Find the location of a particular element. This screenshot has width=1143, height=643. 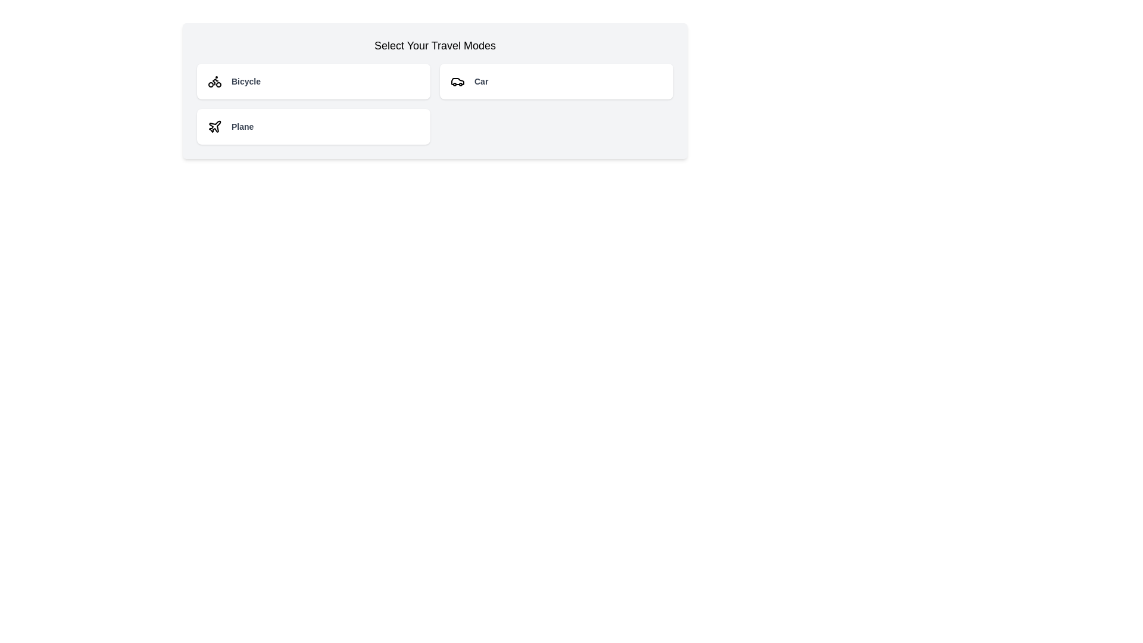

the 'Plane' icon located in the lower-left quadrant of the layout is located at coordinates (215, 126).